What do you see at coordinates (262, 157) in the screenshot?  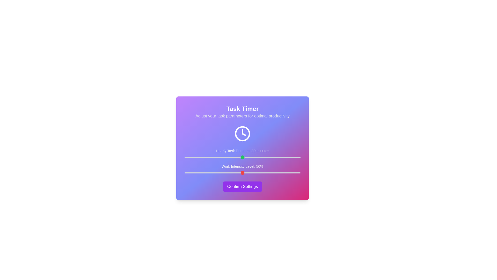 I see `the 'Hourly Task Duration' slider to 40 minutes` at bounding box center [262, 157].